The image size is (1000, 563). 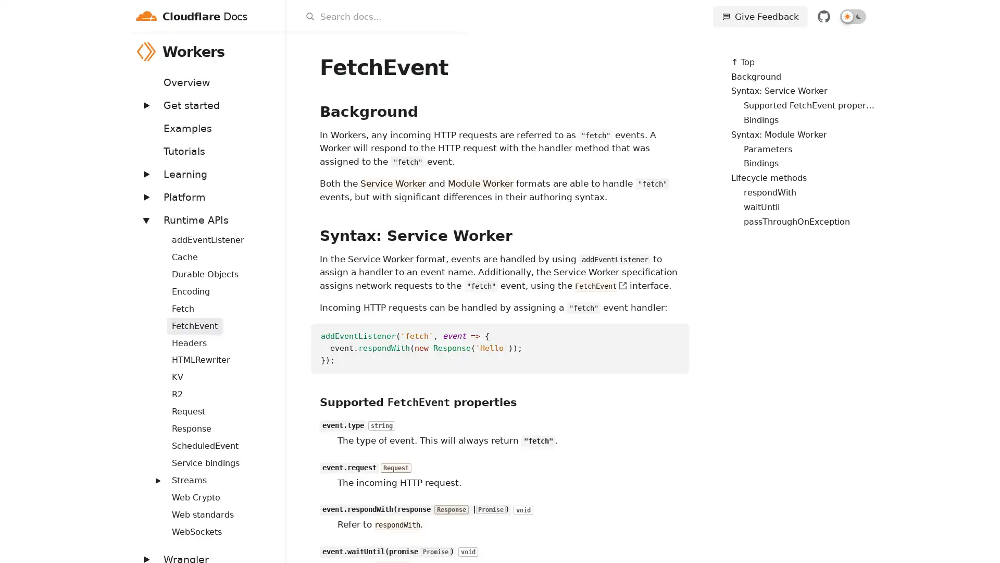 What do you see at coordinates (152, 440) in the screenshot?
I see `Expand: Routing` at bounding box center [152, 440].